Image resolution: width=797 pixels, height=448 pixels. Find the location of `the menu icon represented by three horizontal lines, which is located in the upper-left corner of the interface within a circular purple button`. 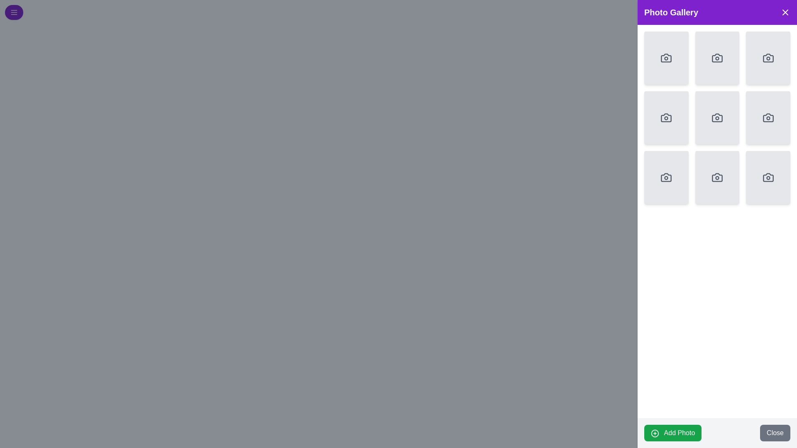

the menu icon represented by three horizontal lines, which is located in the upper-left corner of the interface within a circular purple button is located at coordinates (14, 12).